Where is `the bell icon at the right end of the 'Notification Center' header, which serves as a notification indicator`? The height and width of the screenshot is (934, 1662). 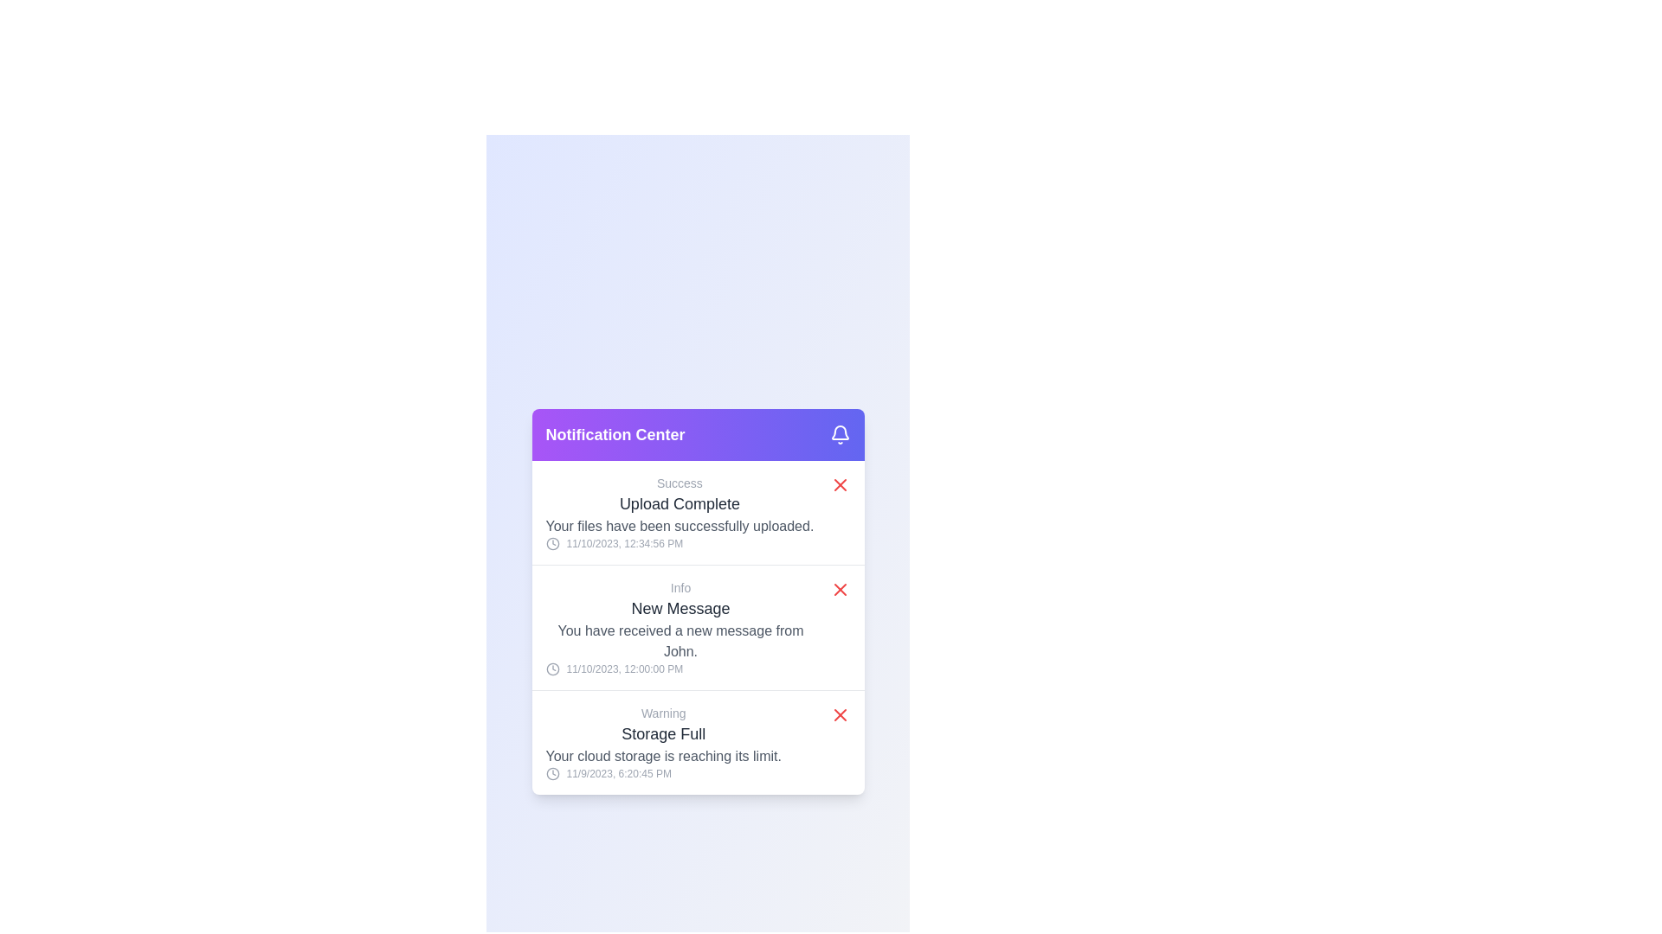 the bell icon at the right end of the 'Notification Center' header, which serves as a notification indicator is located at coordinates (840, 433).